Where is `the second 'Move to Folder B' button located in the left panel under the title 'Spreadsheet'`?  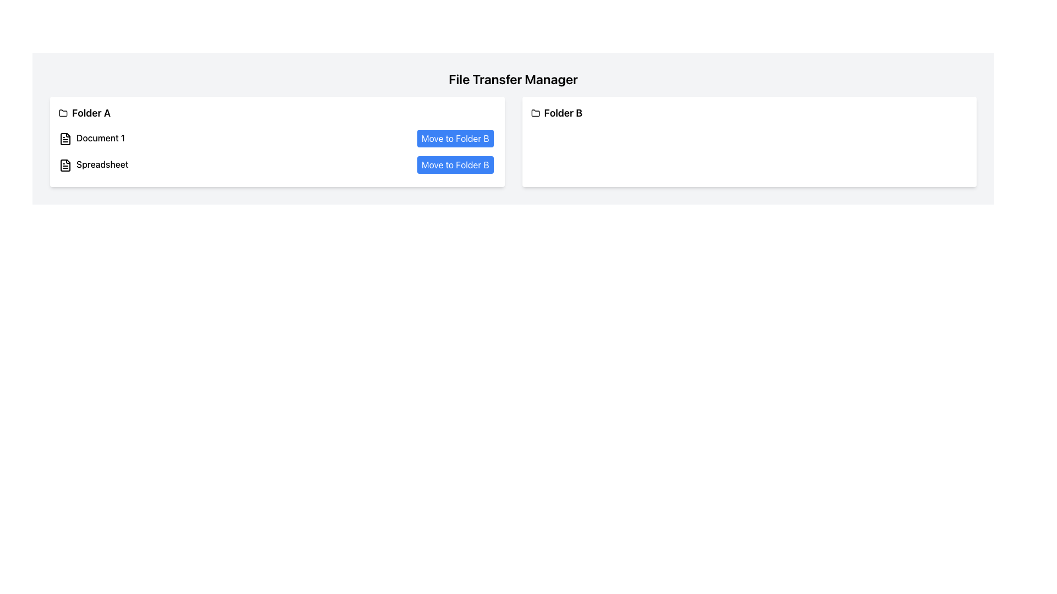
the second 'Move to Folder B' button located in the left panel under the title 'Spreadsheet' is located at coordinates (455, 165).